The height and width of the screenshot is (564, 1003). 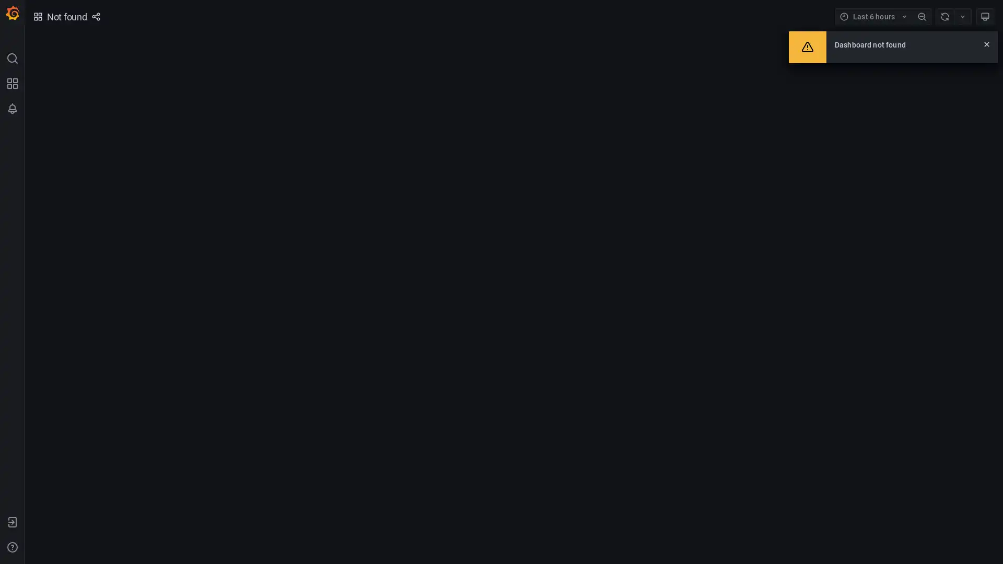 I want to click on Share dashboard or panel, so click(x=95, y=16).